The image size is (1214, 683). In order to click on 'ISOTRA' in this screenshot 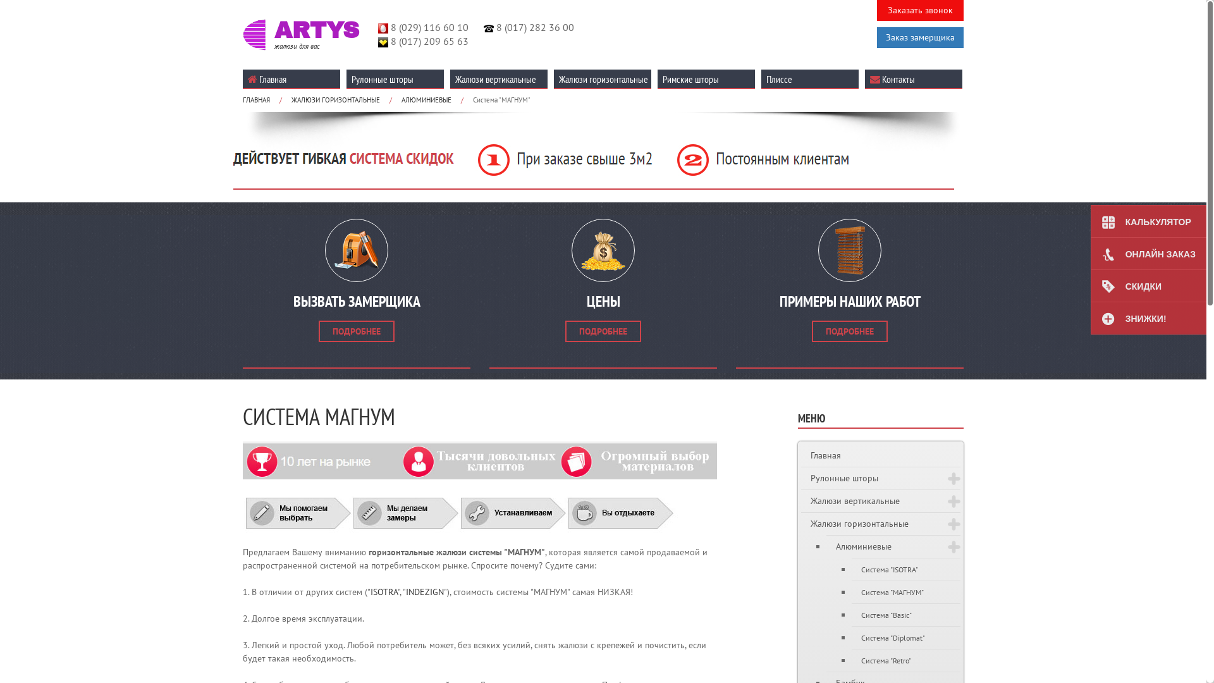, I will do `click(383, 592)`.